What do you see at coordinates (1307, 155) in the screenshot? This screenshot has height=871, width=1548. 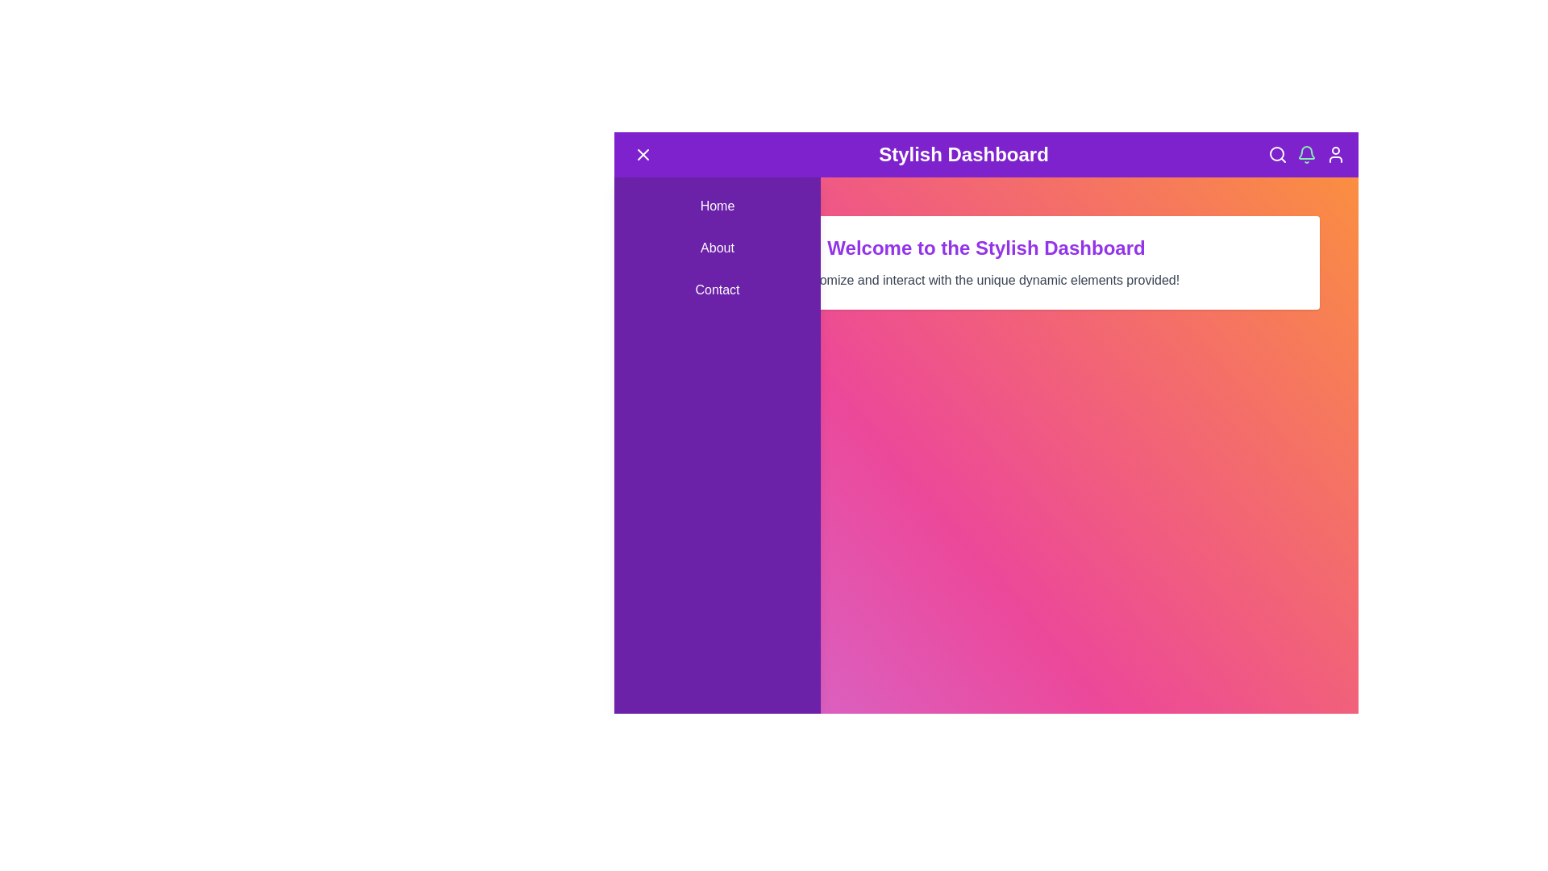 I see `the notification bell icon to toggle notification mode` at bounding box center [1307, 155].